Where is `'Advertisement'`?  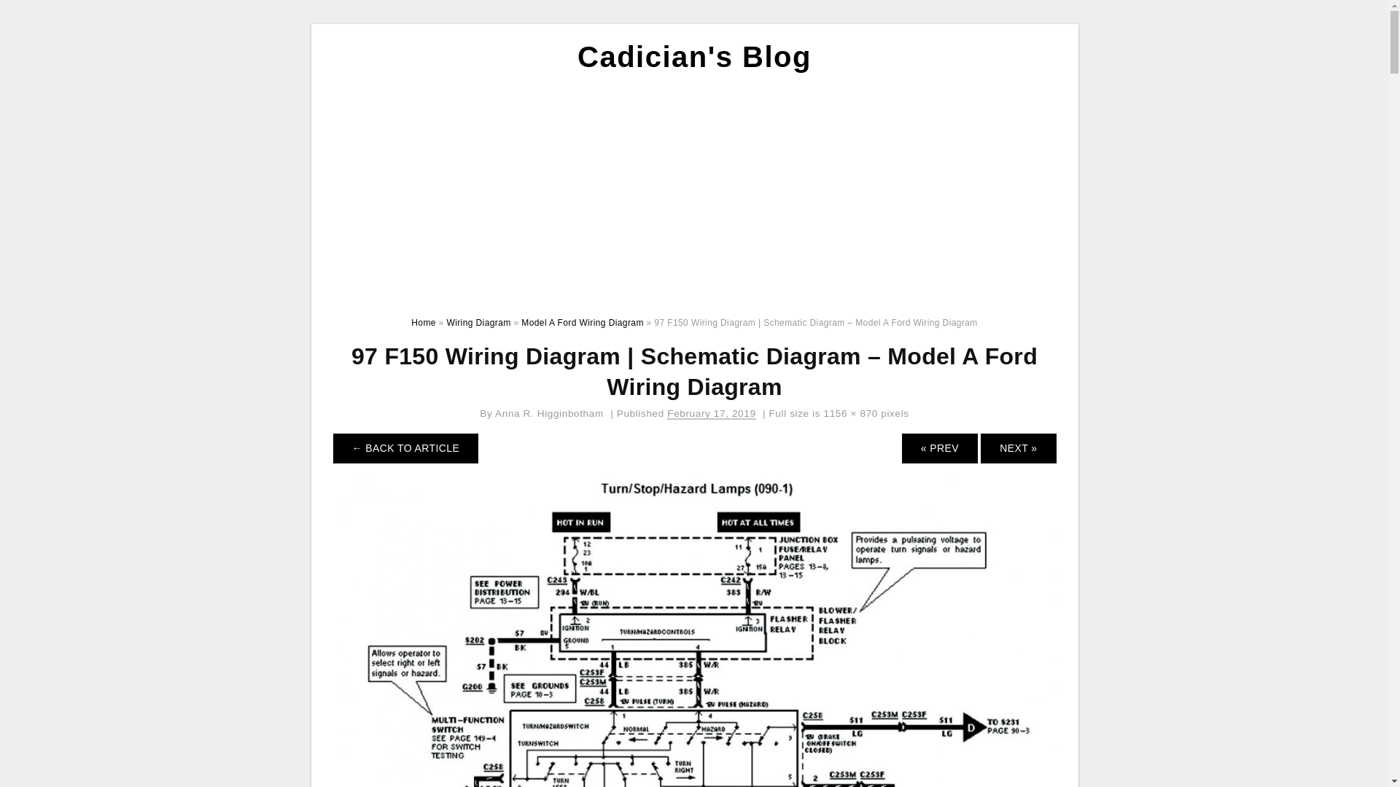
'Advertisement' is located at coordinates (694, 190).